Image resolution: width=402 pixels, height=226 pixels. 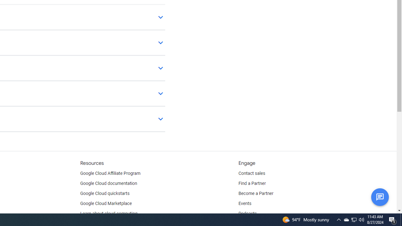 I want to click on 'Google Cloud documentation', so click(x=108, y=184).